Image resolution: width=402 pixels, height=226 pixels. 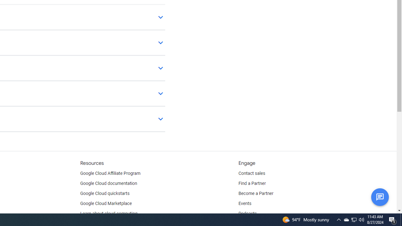 I want to click on 'Google Cloud documentation', so click(x=108, y=184).